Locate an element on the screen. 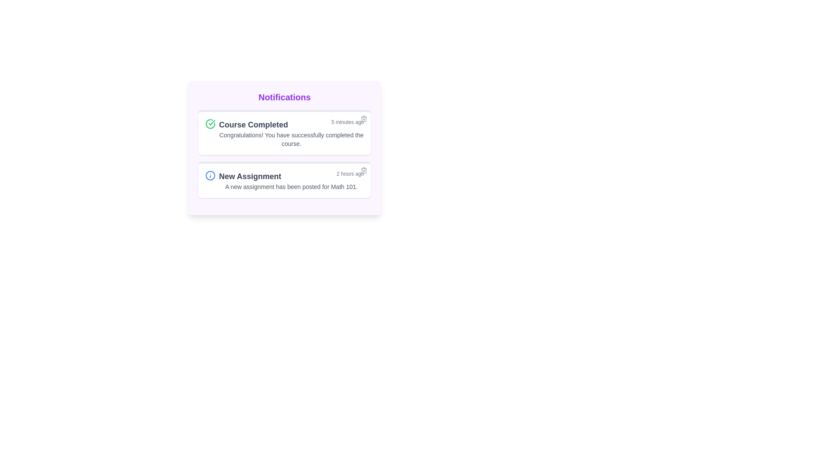 This screenshot has width=828, height=465. the circular icon with a light blue border and white background located in the 'New Assignment' notification panel is located at coordinates (210, 175).